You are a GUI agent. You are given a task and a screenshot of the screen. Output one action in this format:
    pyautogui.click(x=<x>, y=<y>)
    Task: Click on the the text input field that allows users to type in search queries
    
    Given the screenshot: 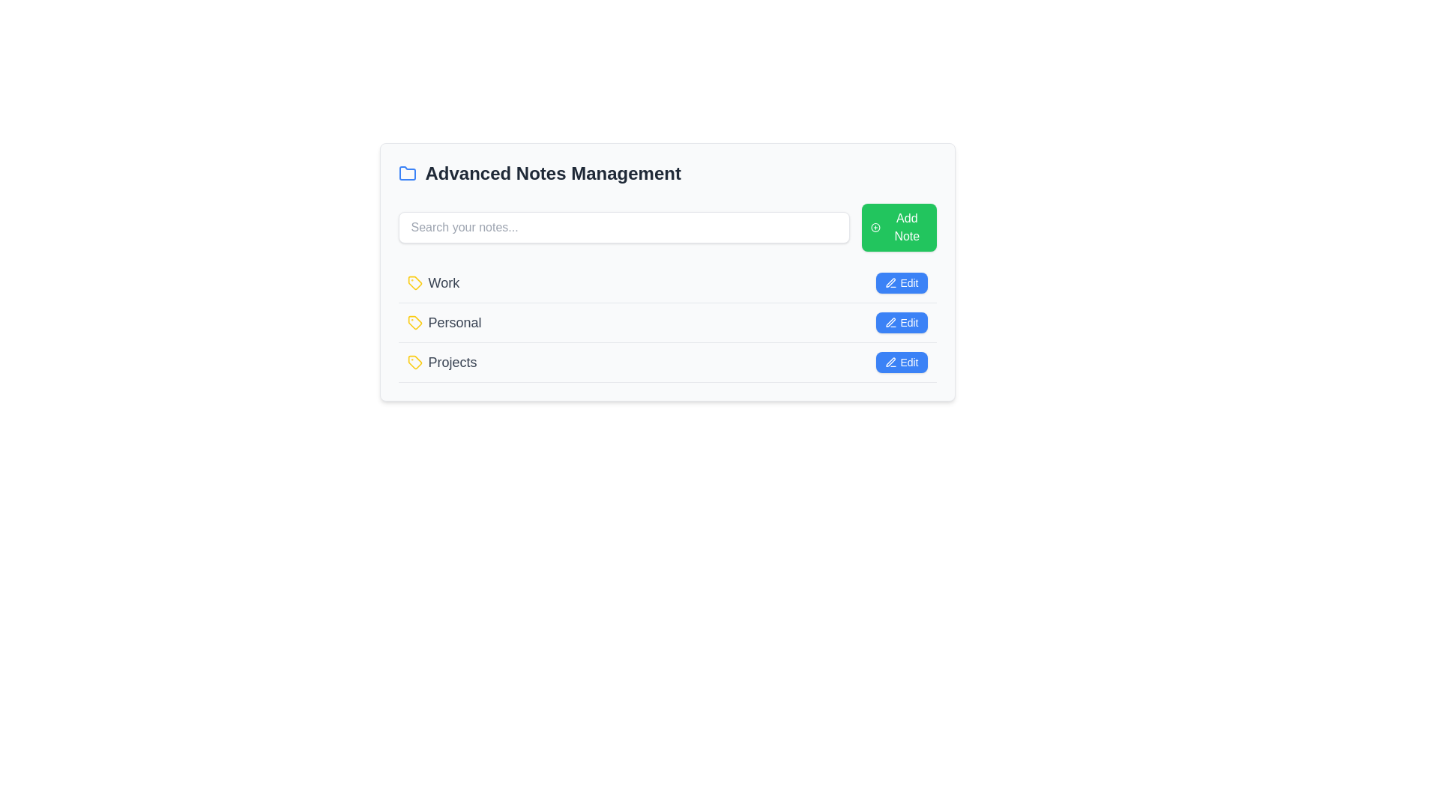 What is the action you would take?
    pyautogui.click(x=624, y=228)
    